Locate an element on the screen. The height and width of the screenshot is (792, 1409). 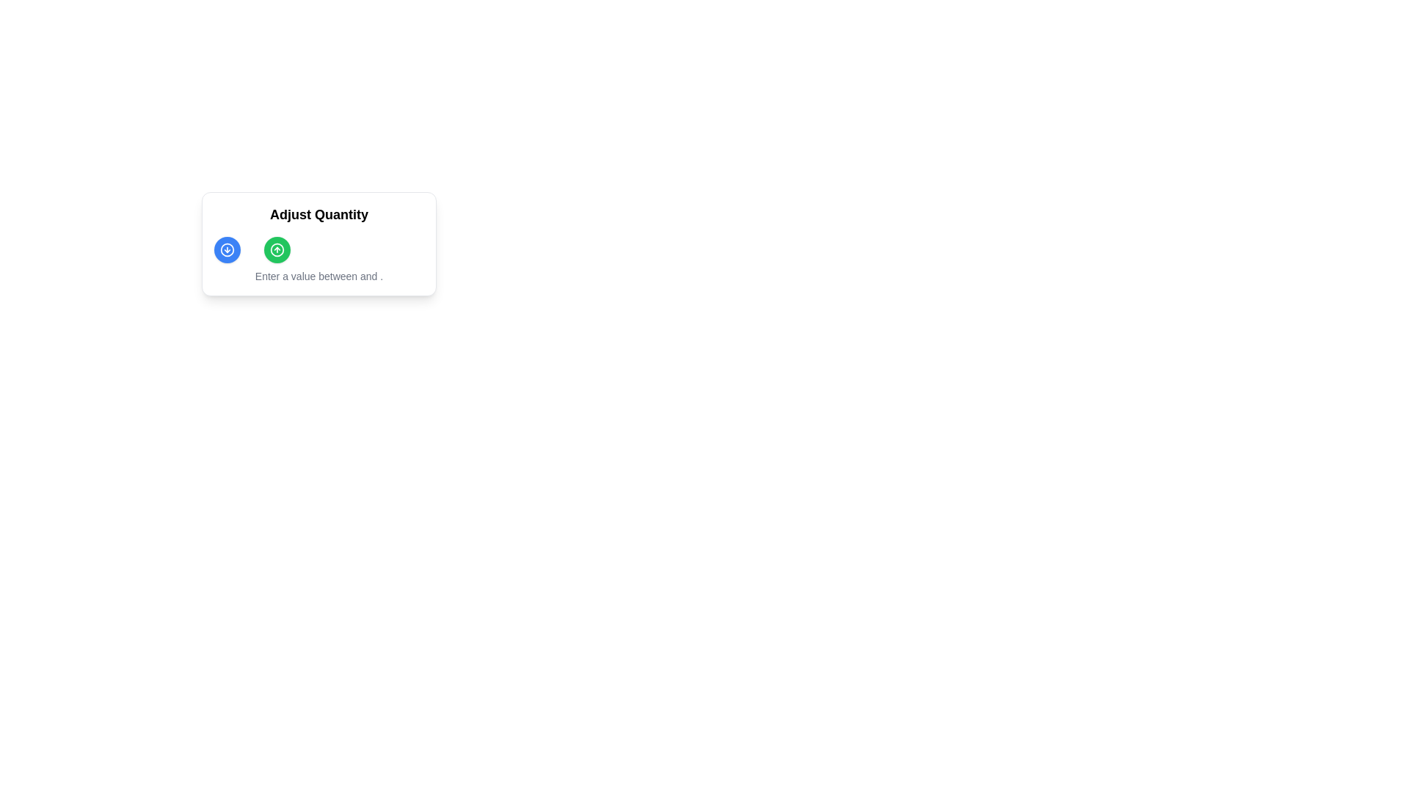
the circle SVG element located to the left of the green circular icon and below the 'Adjust Quantity' label is located at coordinates (227, 249).